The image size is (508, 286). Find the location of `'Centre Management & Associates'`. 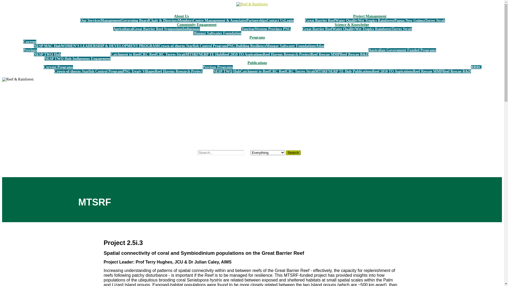

'Centre Management & Associates' is located at coordinates (220, 20).